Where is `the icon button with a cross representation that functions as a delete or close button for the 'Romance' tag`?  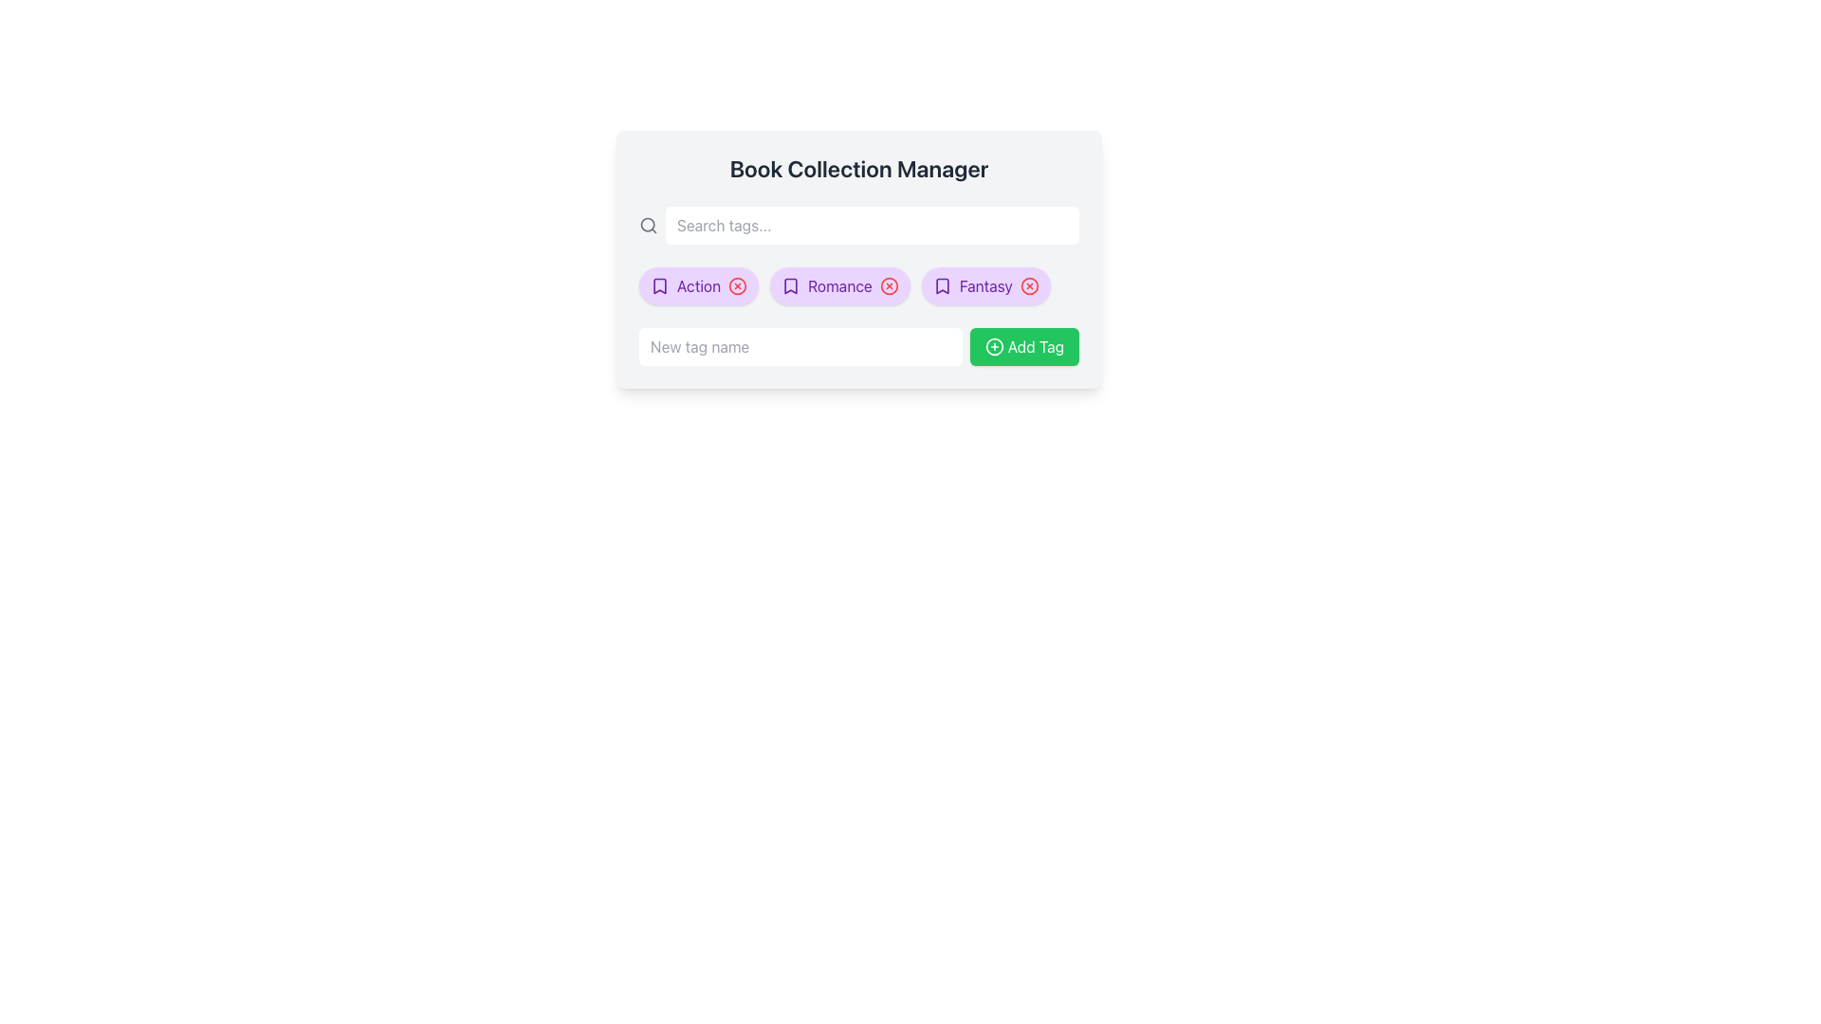
the icon button with a cross representation that functions as a delete or close button for the 'Romance' tag is located at coordinates (888, 285).